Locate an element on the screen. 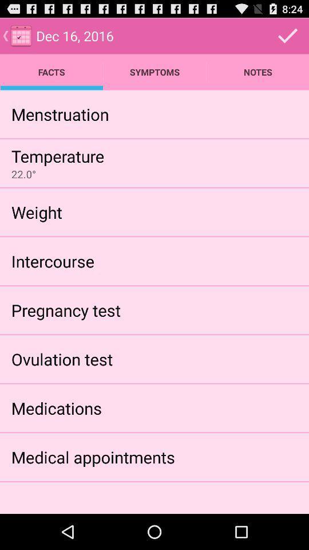  okay and/or save option s is located at coordinates (287, 36).